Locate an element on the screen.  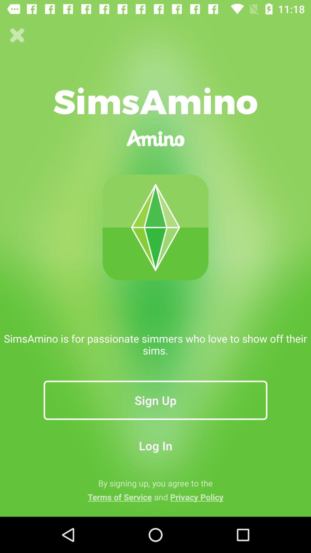
the button above log in icon is located at coordinates (155, 400).